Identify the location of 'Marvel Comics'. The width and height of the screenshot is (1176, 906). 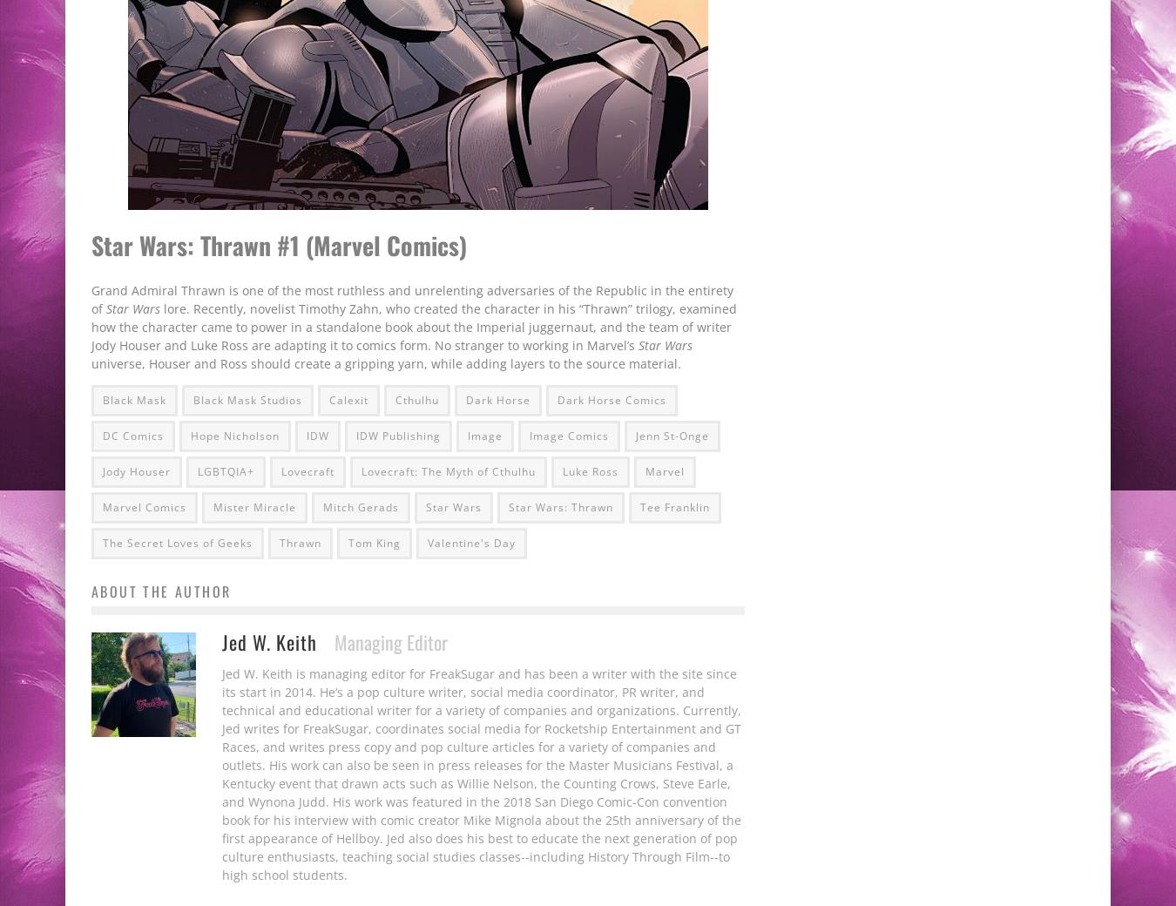
(145, 505).